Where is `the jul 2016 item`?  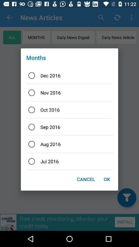
the jul 2016 item is located at coordinates (69, 161).